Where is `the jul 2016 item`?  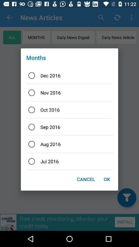
the jul 2016 item is located at coordinates (69, 161).